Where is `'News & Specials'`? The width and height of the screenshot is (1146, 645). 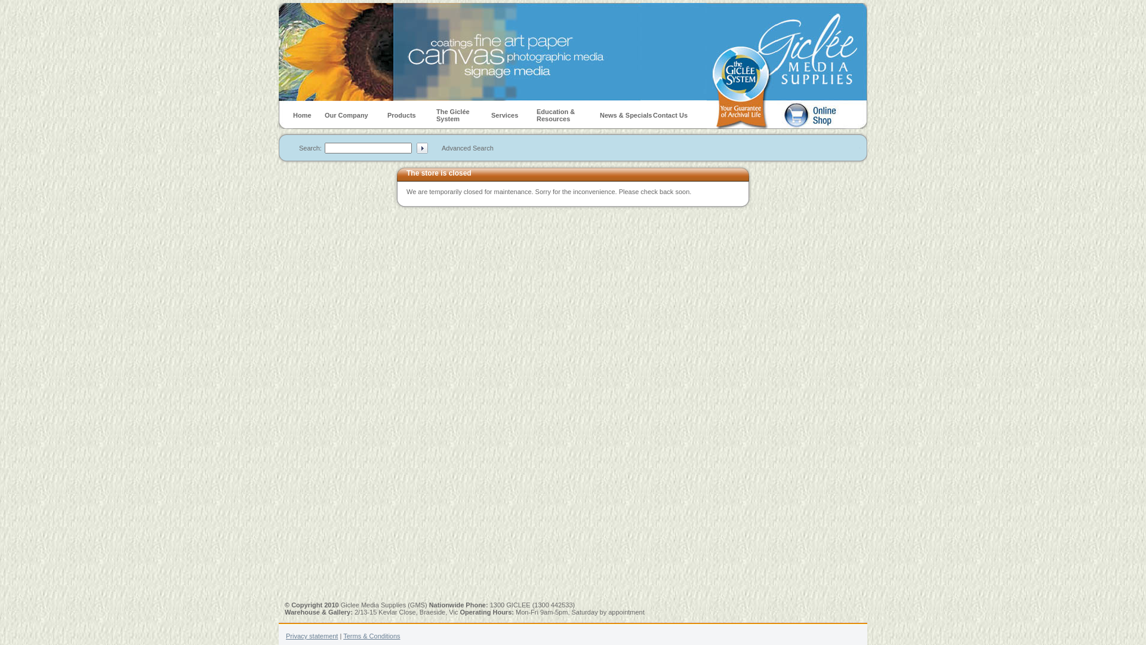
'News & Specials' is located at coordinates (599, 115).